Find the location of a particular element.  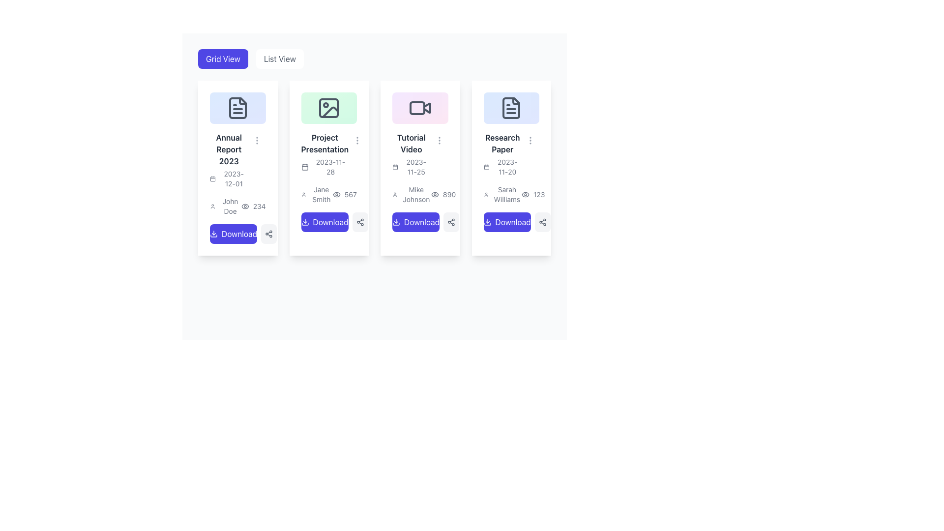

the ellipsis menu icon located in the top-right corner of the 'Project Presentation' card is located at coordinates (357, 140).